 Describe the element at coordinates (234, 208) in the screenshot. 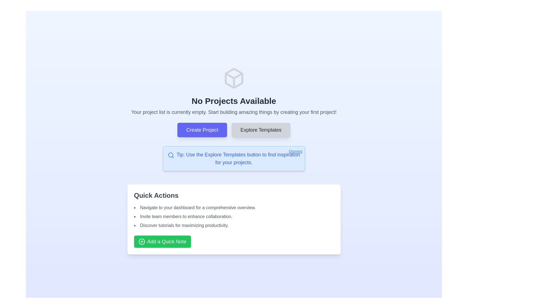

I see `informational text item stating 'Navigate to your dashboard for a comprehensive overview.' which is the first item in the bulleted list inside the 'Quick Actions' card` at that location.